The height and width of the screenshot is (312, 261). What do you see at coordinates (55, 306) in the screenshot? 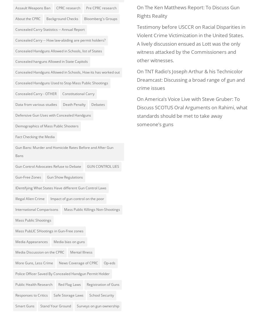
I see `'Stand Your Ground'` at bounding box center [55, 306].